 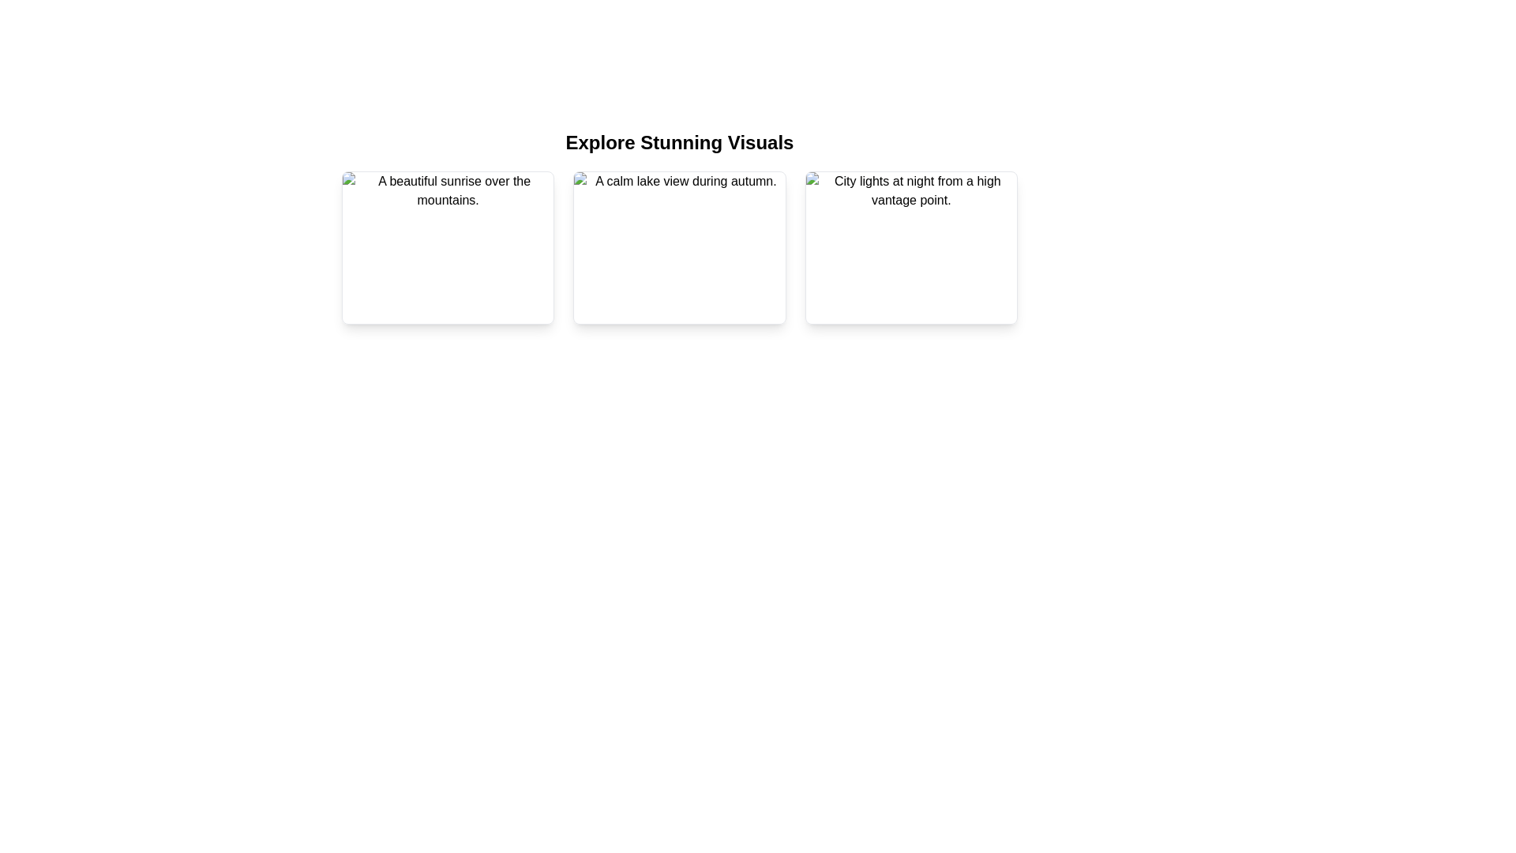 I want to click on the leftmost button that initiates the zoom-in function, so click(x=597, y=306).